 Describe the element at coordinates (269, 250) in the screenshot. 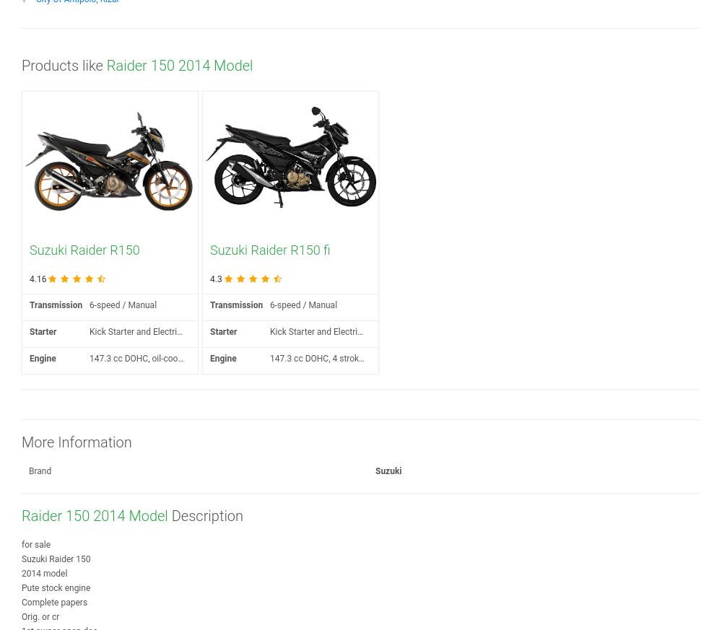

I see `'Suzuki Raider R150 fi'` at that location.